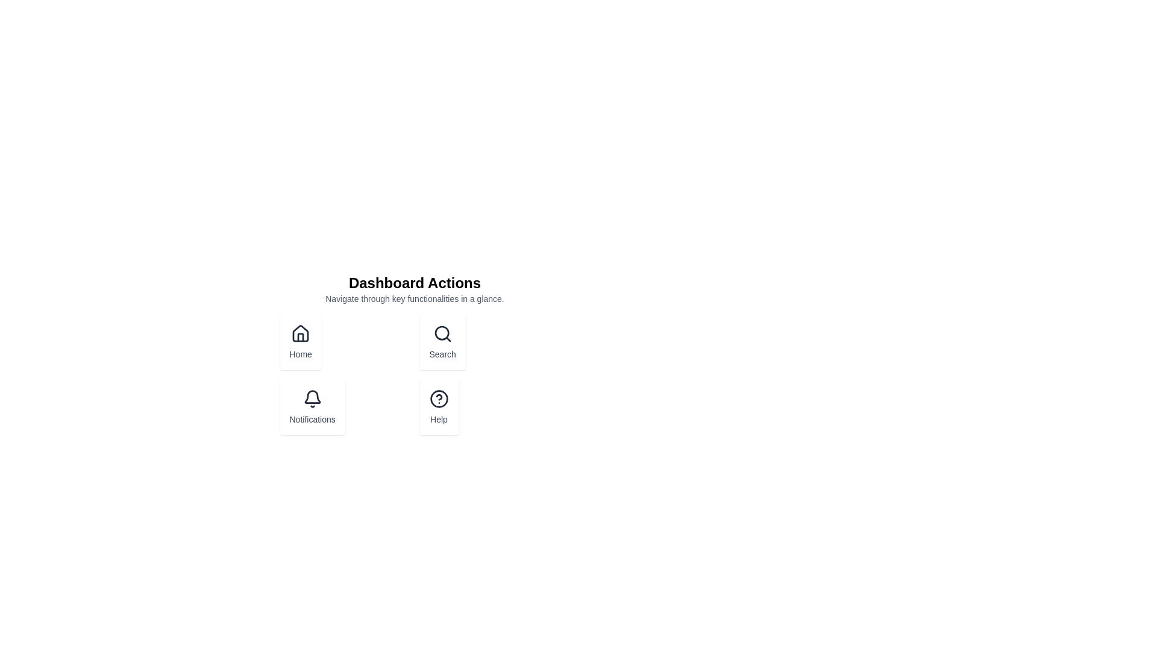  What do you see at coordinates (442, 353) in the screenshot?
I see `the 'Search' descriptive label located at the bottom of the card in the top-center section of the interface` at bounding box center [442, 353].